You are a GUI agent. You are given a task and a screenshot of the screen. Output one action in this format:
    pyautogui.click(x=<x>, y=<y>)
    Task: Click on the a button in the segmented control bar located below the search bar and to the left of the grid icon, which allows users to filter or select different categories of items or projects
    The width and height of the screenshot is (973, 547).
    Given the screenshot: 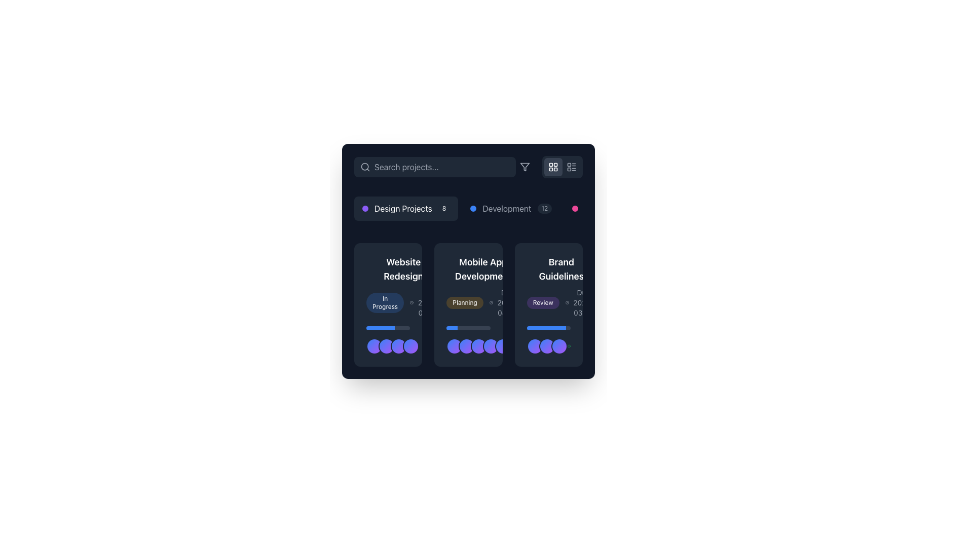 What is the action you would take?
    pyautogui.click(x=468, y=208)
    